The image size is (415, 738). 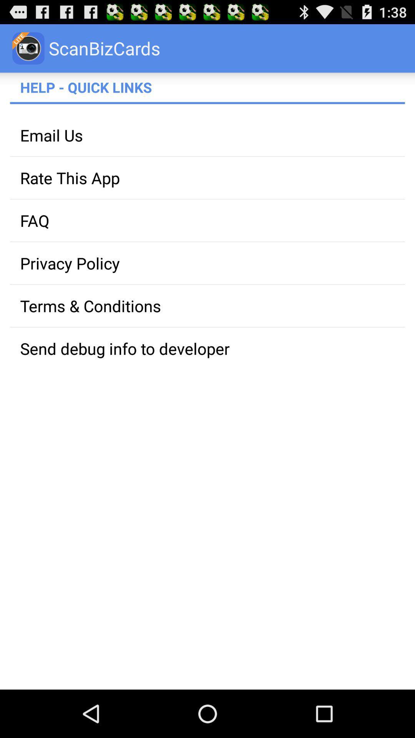 I want to click on item above privacy policy icon, so click(x=207, y=220).